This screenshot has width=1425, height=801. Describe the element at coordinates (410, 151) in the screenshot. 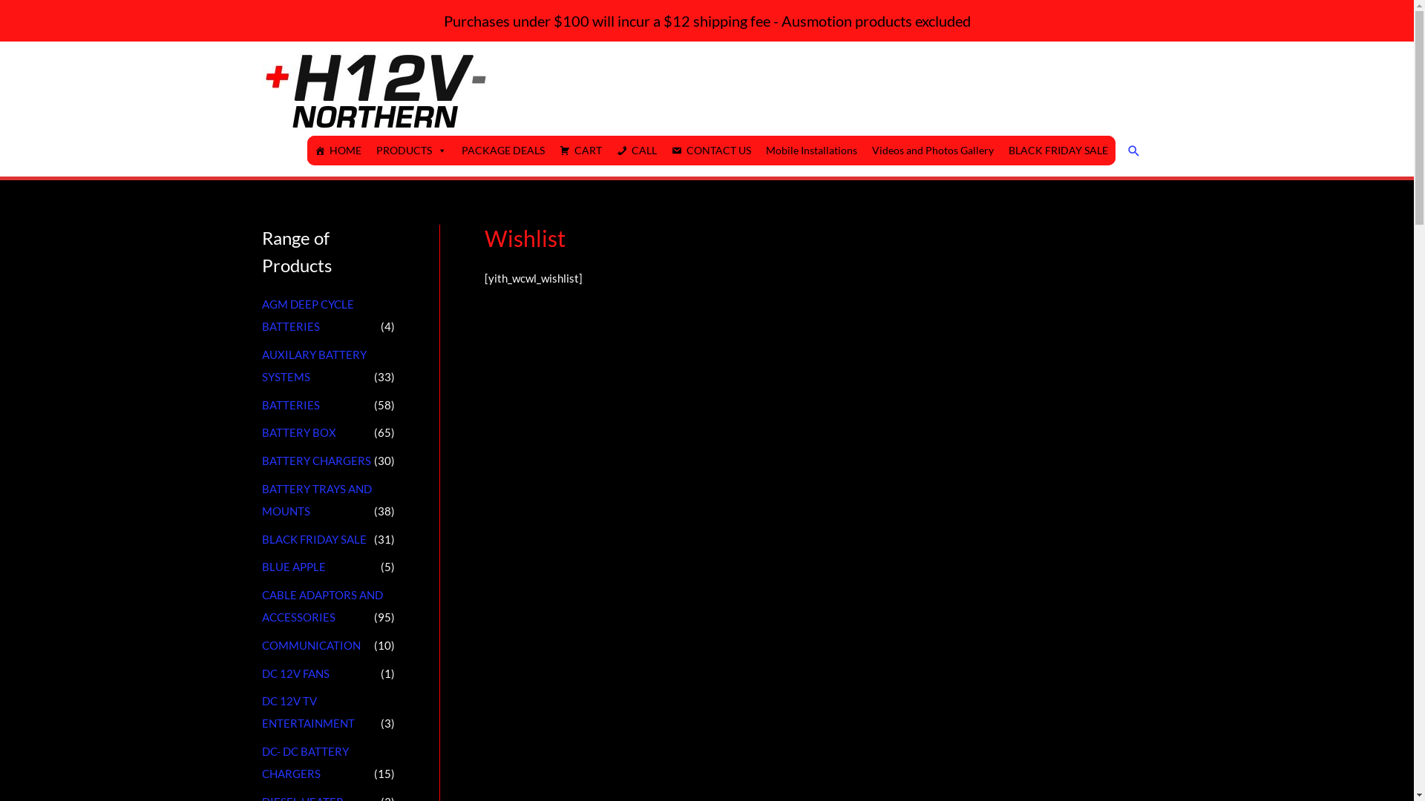

I see `'PRODUCTS'` at that location.